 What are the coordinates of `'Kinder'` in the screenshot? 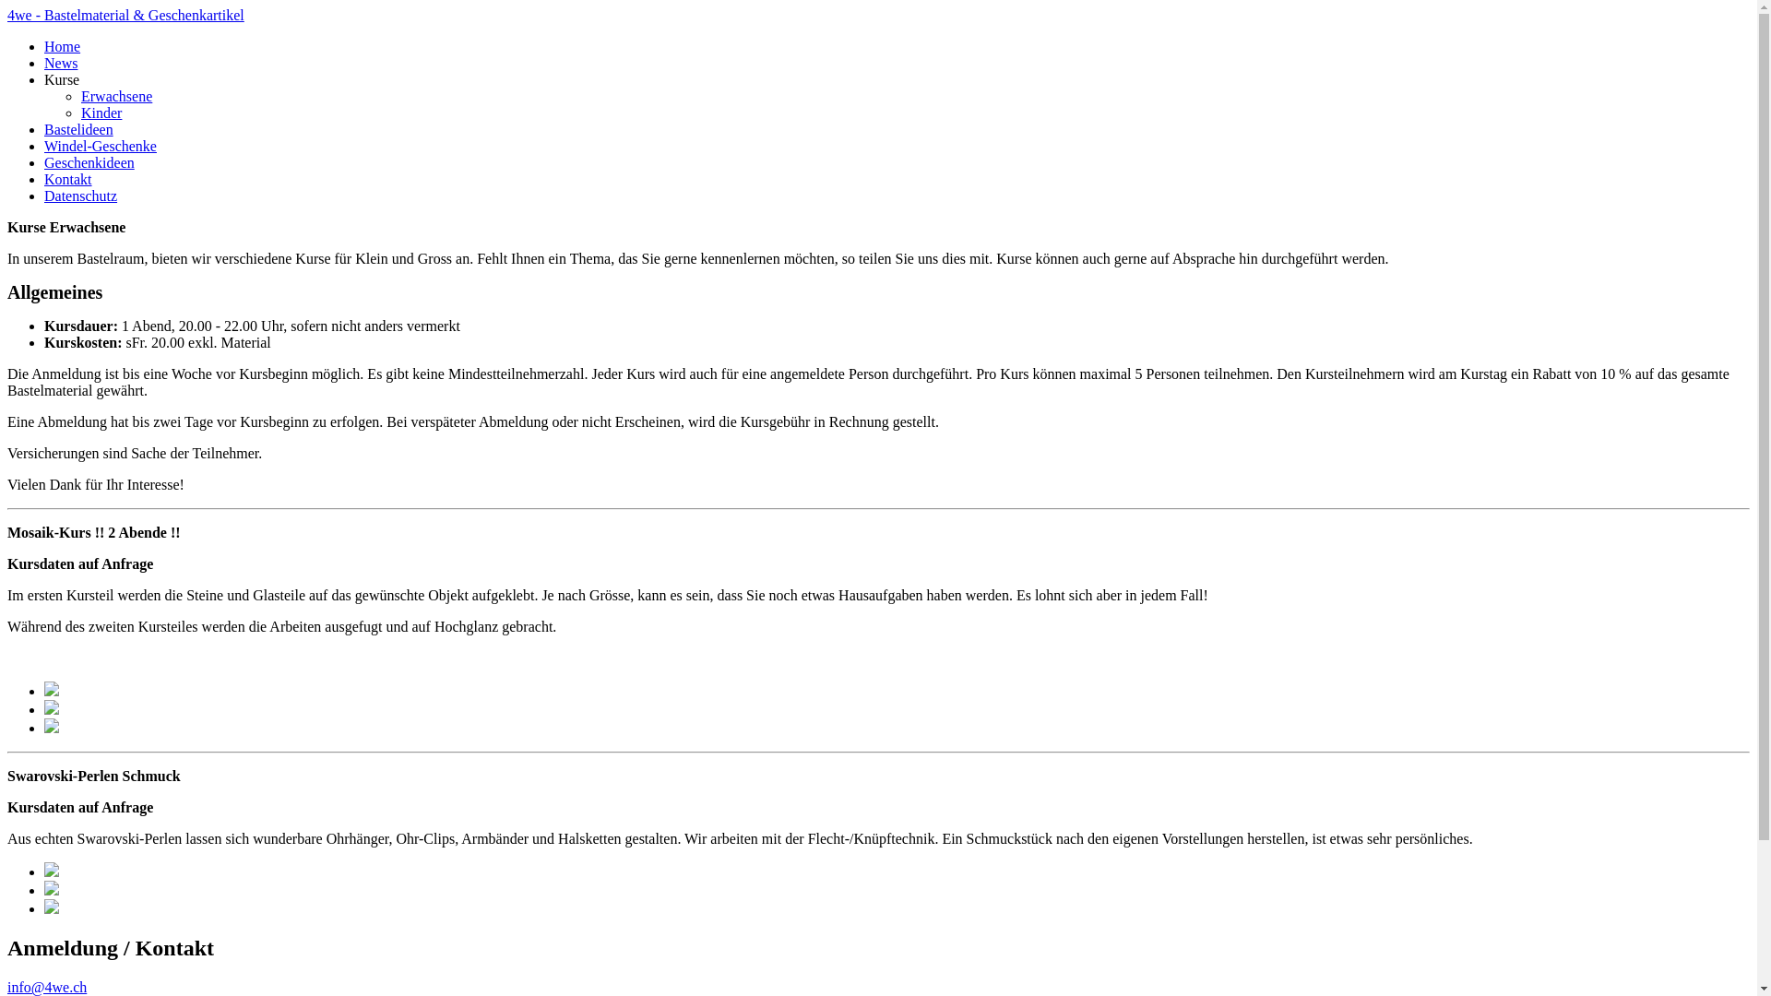 It's located at (79, 113).